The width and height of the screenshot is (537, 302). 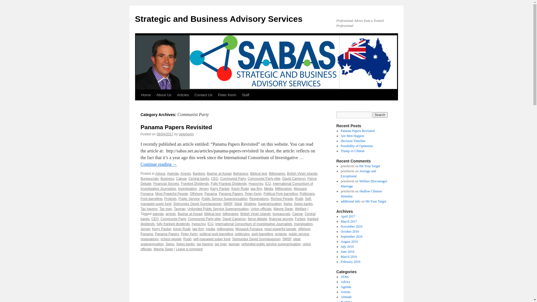 I want to click on 'Richest People', so click(x=270, y=198).